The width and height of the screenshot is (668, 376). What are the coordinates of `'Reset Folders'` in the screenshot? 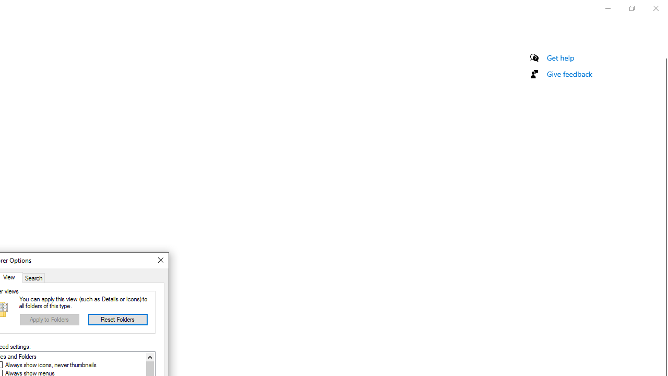 It's located at (117, 319).